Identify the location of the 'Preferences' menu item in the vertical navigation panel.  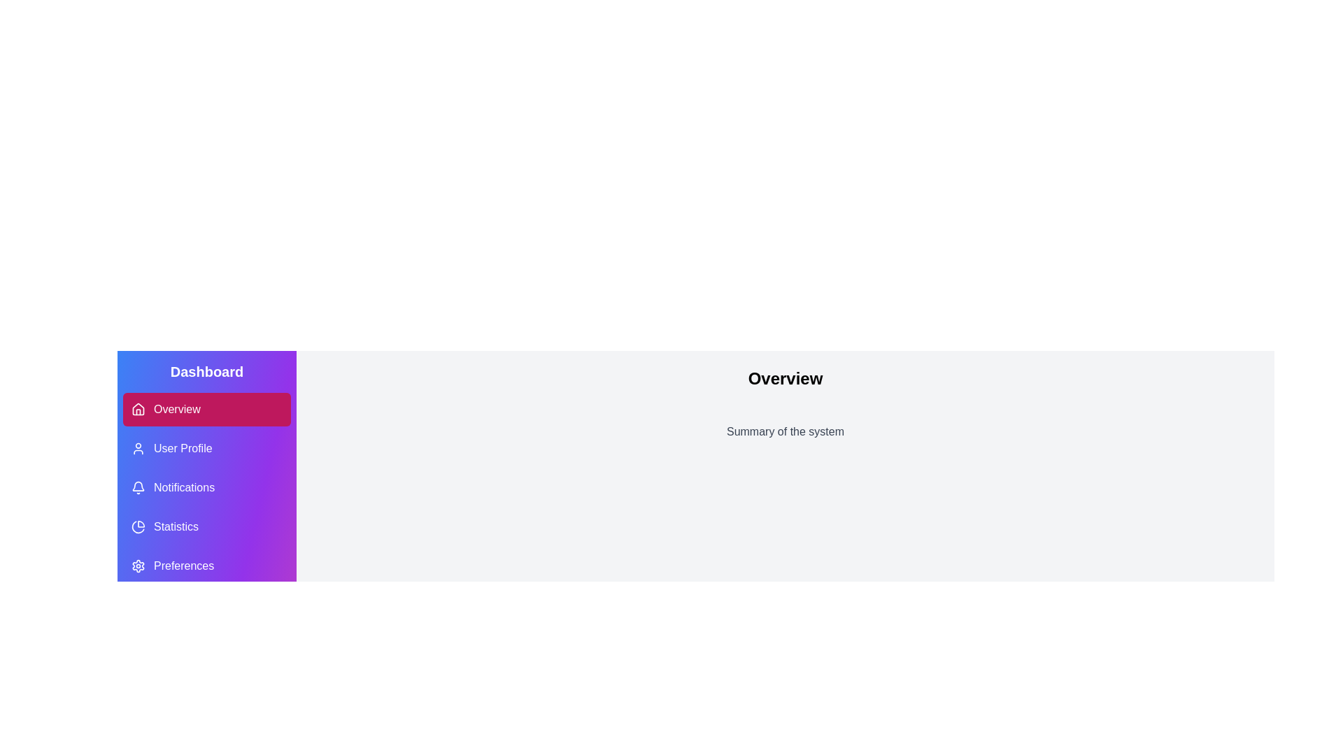
(206, 566).